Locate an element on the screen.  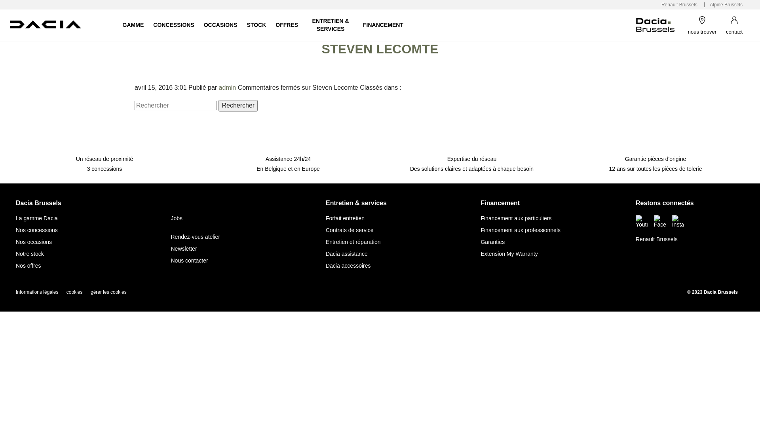
'Financement aux particuliers' is located at coordinates (516, 218).